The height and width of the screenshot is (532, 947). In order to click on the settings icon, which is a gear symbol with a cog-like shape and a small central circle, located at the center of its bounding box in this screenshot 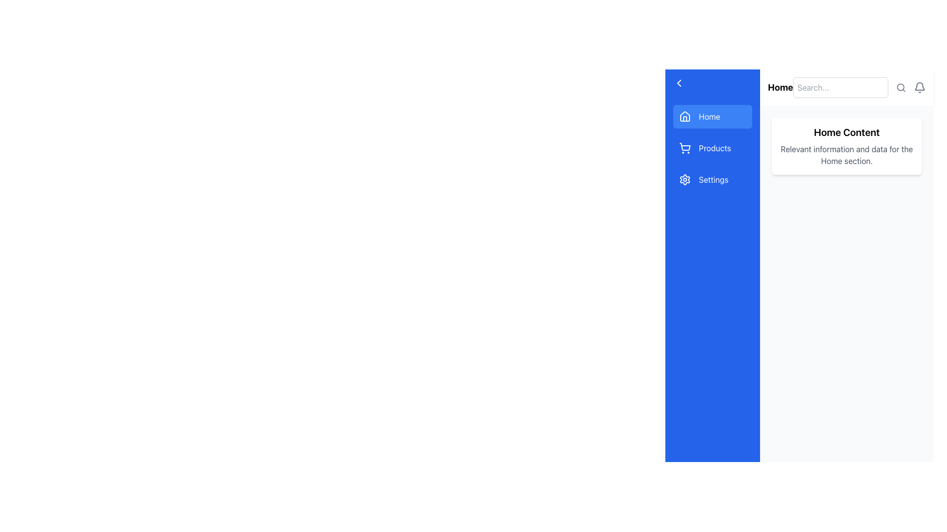, I will do `click(684, 180)`.